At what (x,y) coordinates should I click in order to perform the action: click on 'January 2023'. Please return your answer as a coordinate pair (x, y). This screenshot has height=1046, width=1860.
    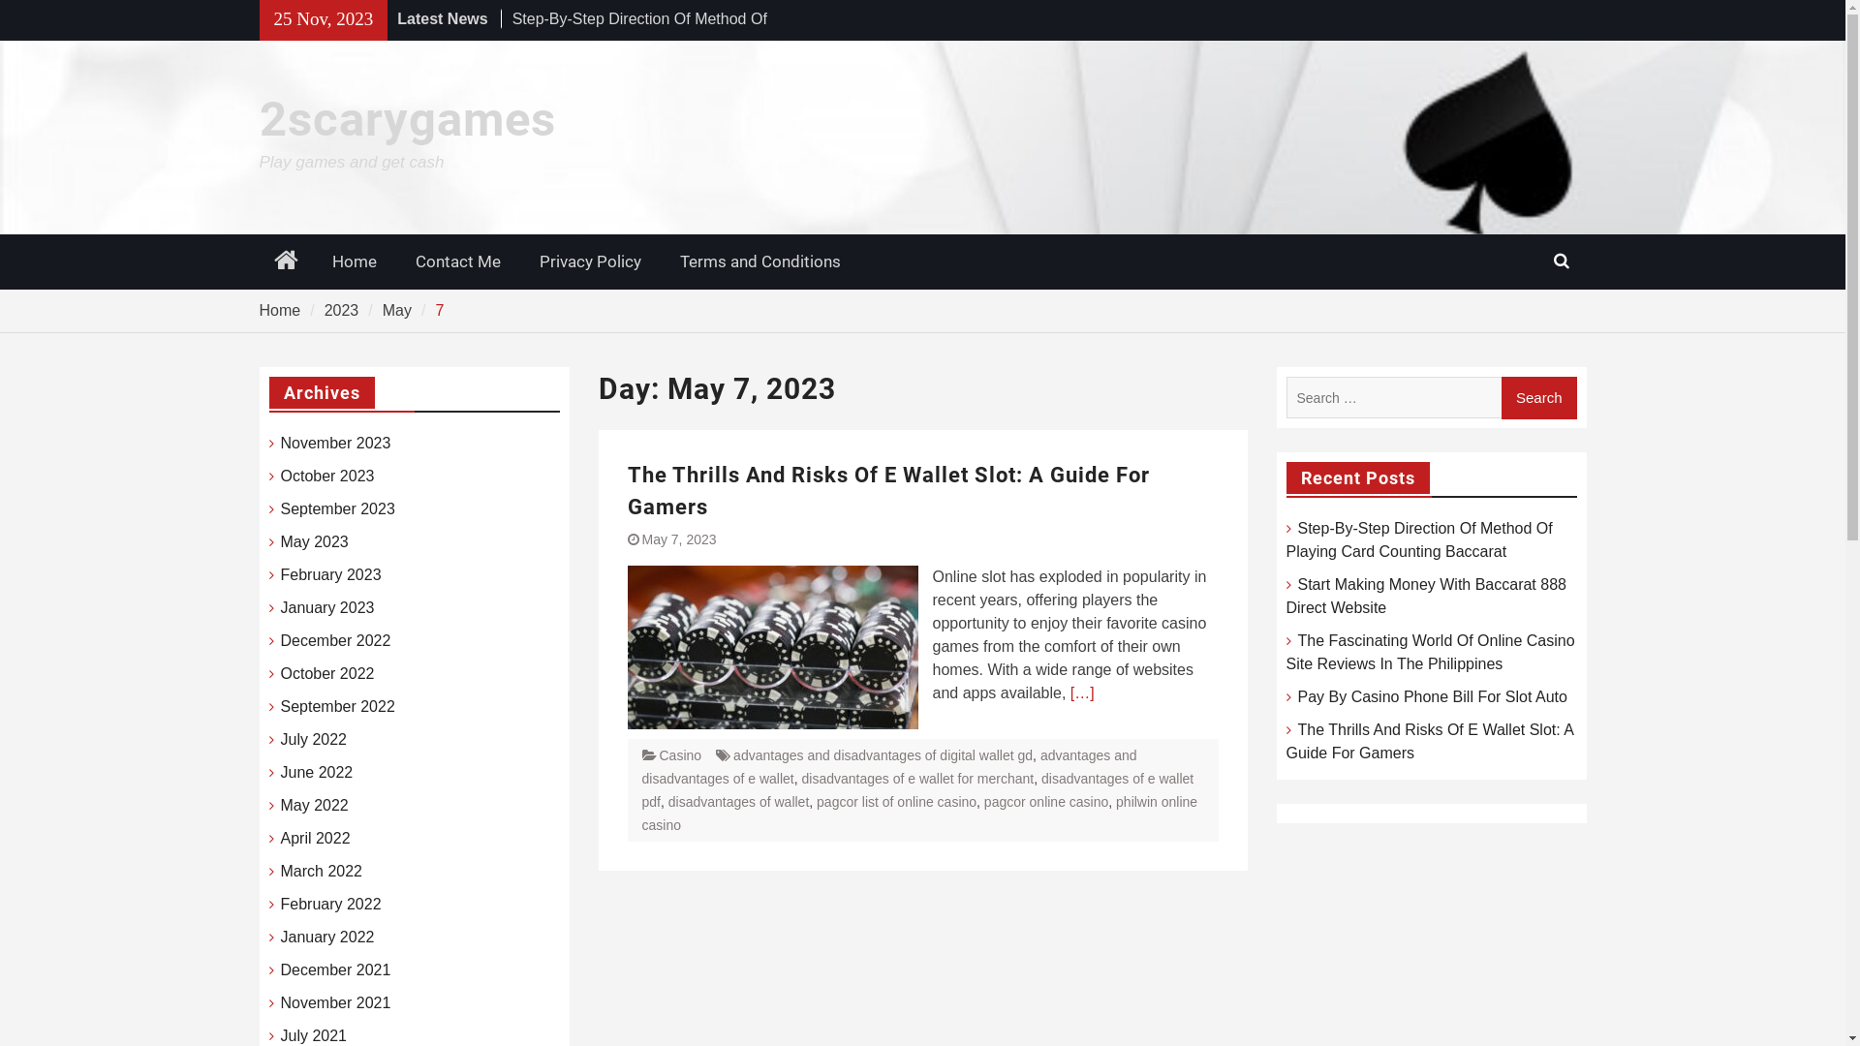
    Looking at the image, I should click on (327, 607).